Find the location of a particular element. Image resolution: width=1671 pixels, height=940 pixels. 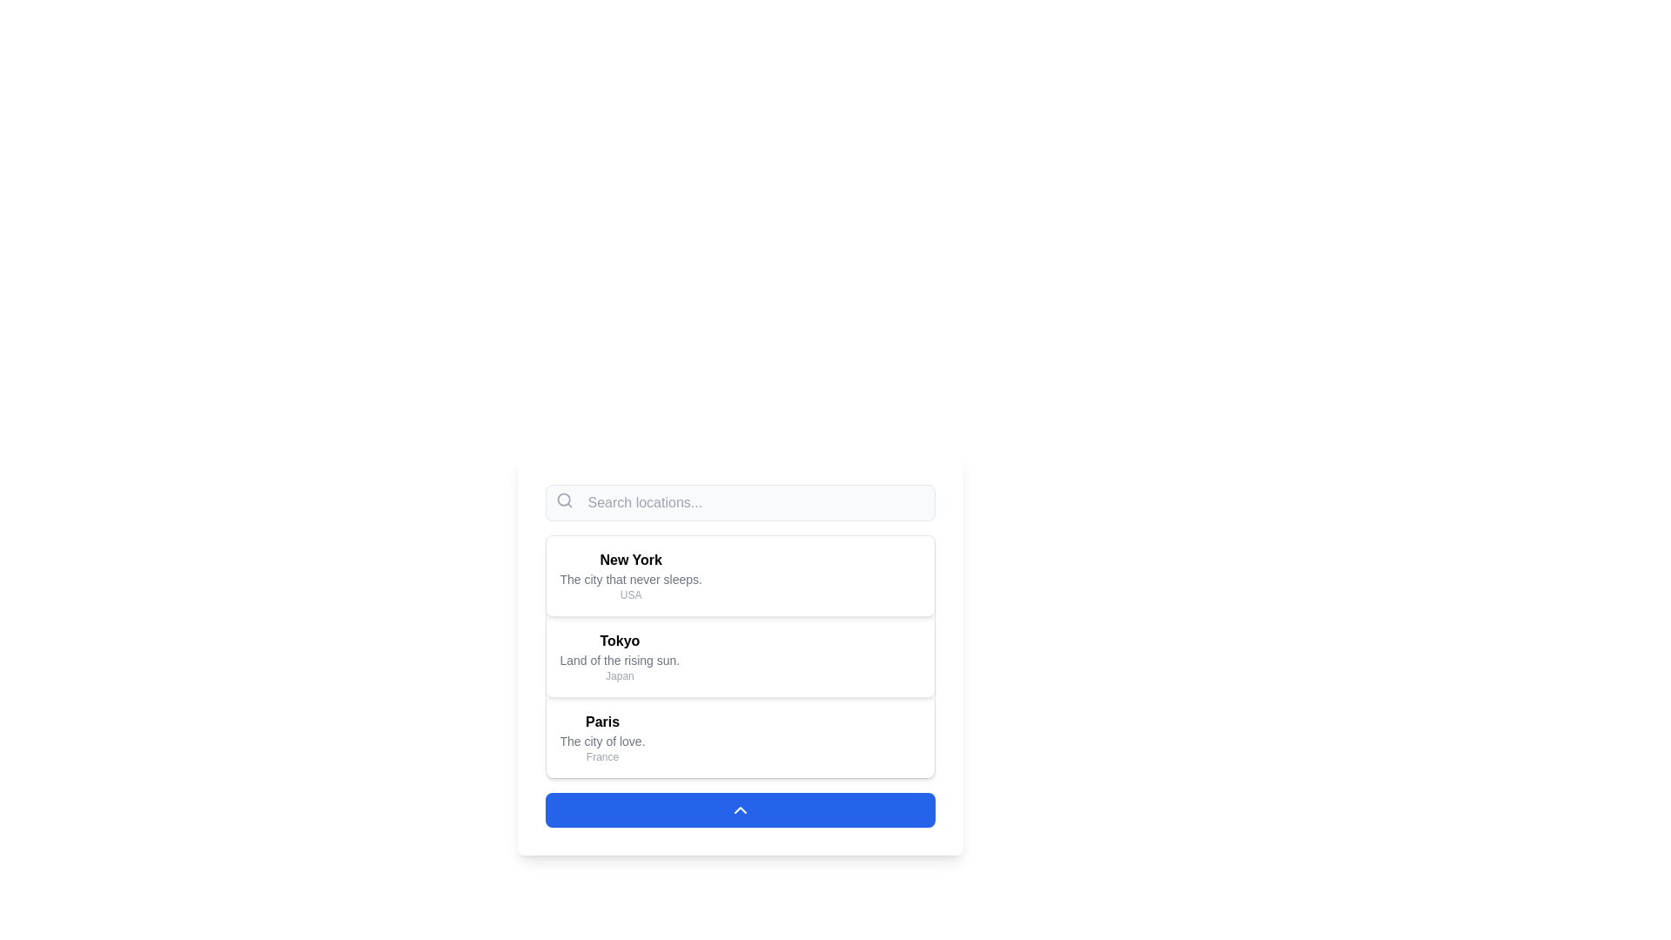

the informational text label displaying the country associated with the location 'New York', located at the lower part of the card-like block beneath the sentence 'The city that never sleeps' is located at coordinates (630, 594).